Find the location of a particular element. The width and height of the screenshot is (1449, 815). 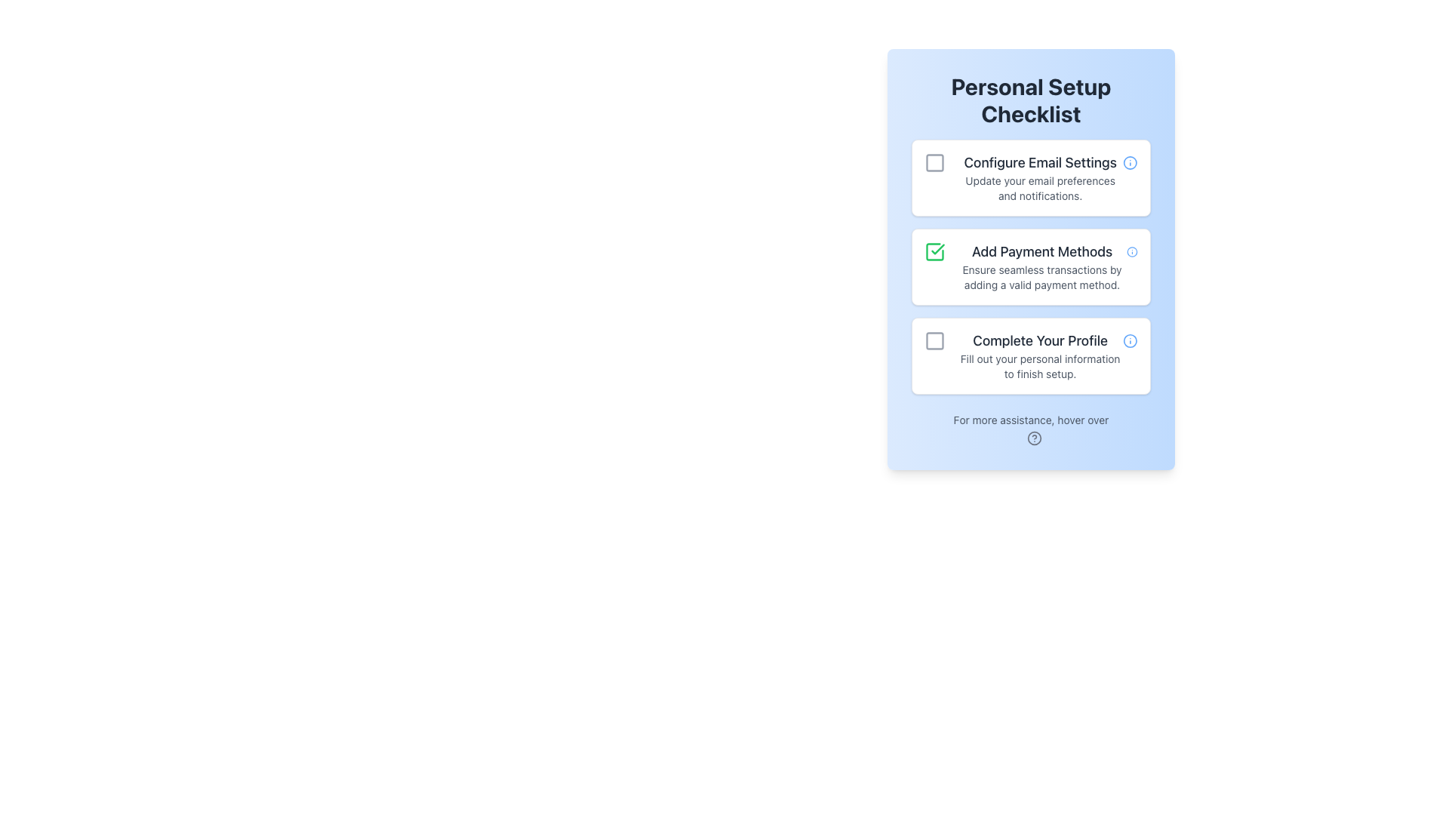

the informational text that states 'Ensure seamless transactions by adding a valid payment method.' located below the title 'Add Payment Methods' in the second card of the checklist UI is located at coordinates (1041, 277).